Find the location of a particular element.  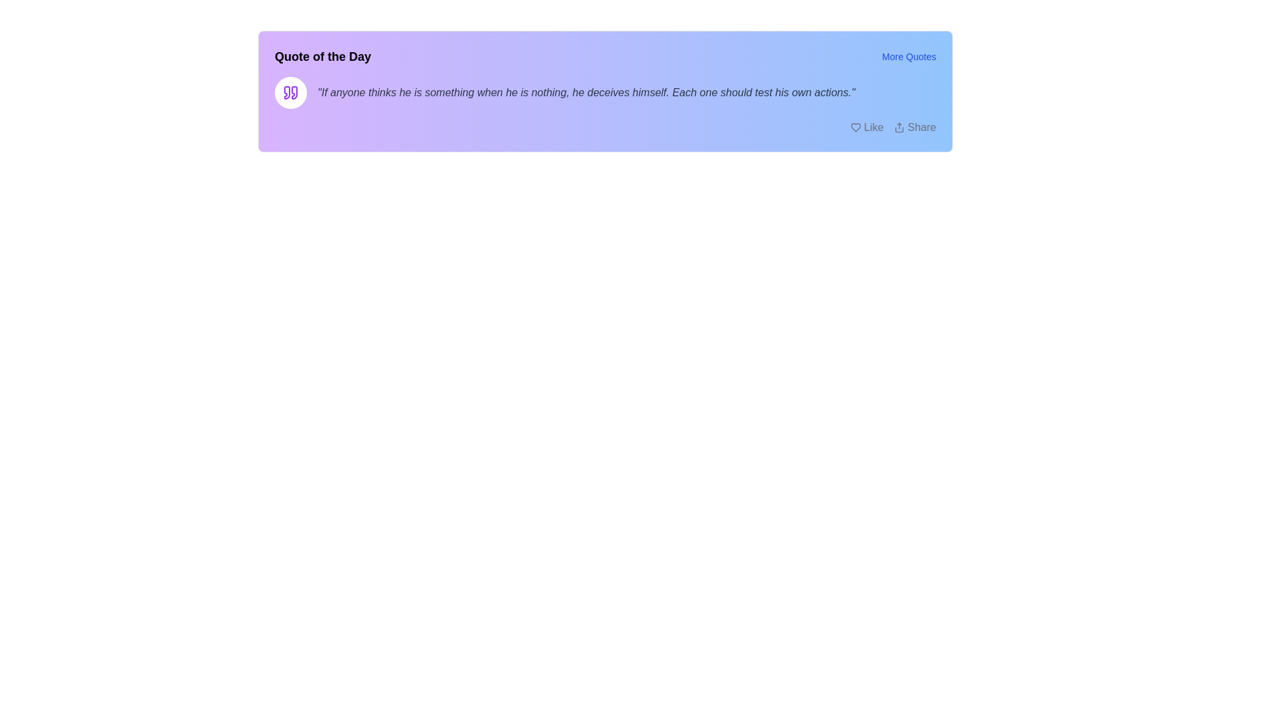

the heart-shaped icon located at the lower-right corner of the quote card to like the content is located at coordinates (855, 128).